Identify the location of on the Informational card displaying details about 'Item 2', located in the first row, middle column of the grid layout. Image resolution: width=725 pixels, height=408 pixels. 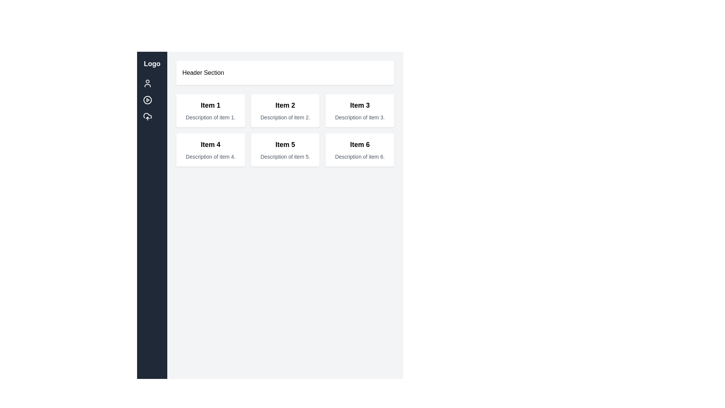
(285, 111).